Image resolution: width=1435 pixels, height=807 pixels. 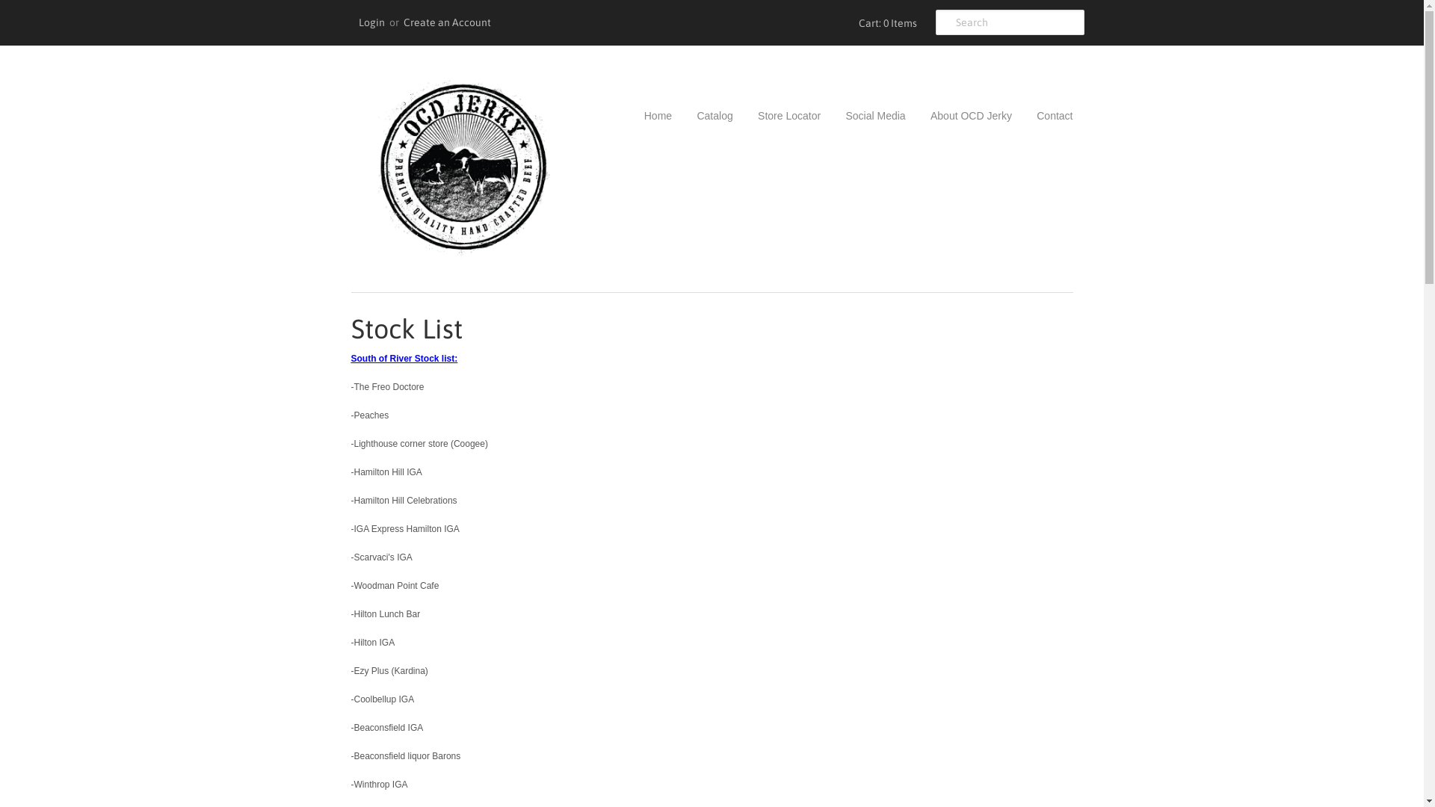 I want to click on 'Social Media', so click(x=864, y=114).